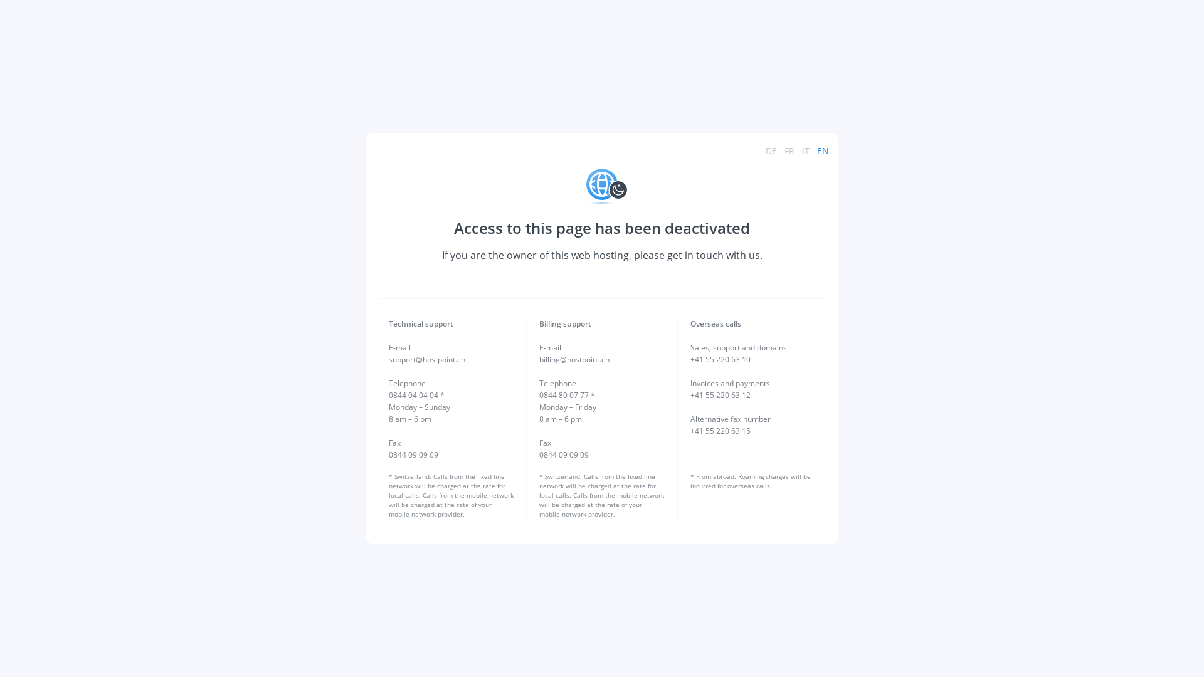 The image size is (1204, 677). What do you see at coordinates (539, 359) in the screenshot?
I see `'billing@hostpoint.ch'` at bounding box center [539, 359].